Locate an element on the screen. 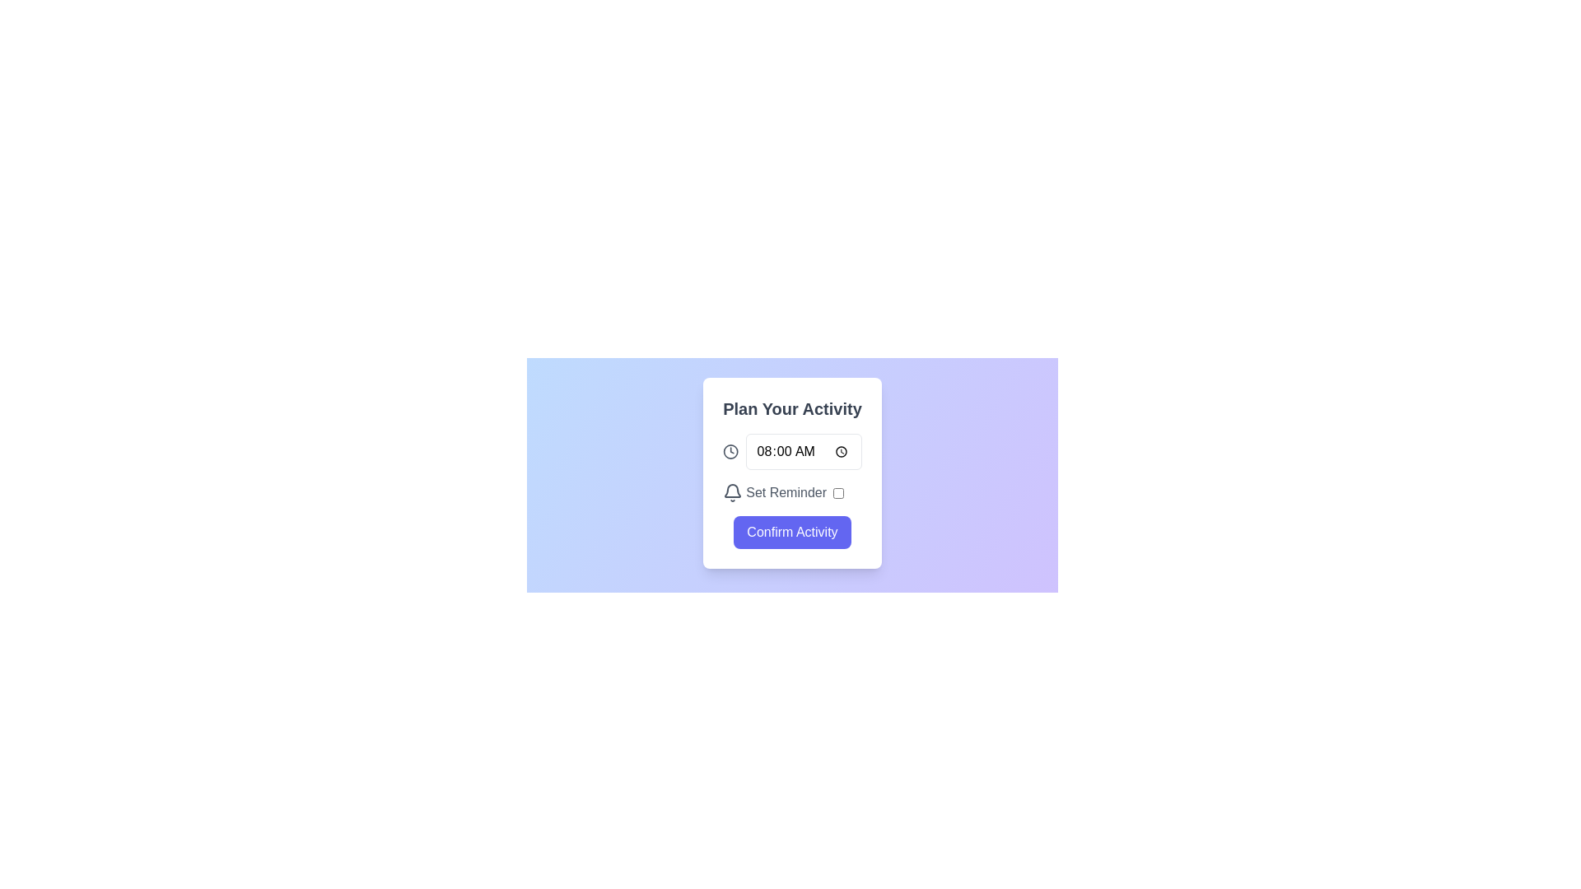 The image size is (1581, 889). the circular clock icon located to the right of the time input field within the 'Plan Your Activity' card layout for related actions is located at coordinates (730, 451).